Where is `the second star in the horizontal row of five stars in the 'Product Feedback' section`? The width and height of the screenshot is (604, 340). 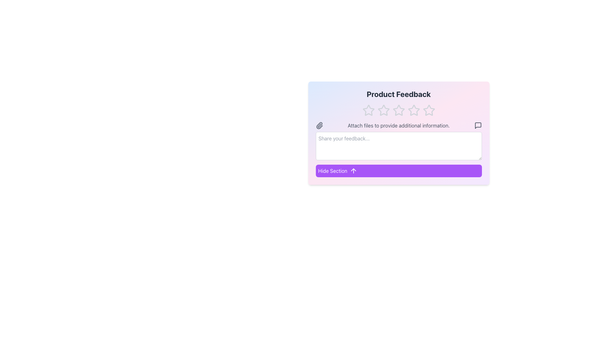 the second star in the horizontal row of five stars in the 'Product Feedback' section is located at coordinates (398, 110).